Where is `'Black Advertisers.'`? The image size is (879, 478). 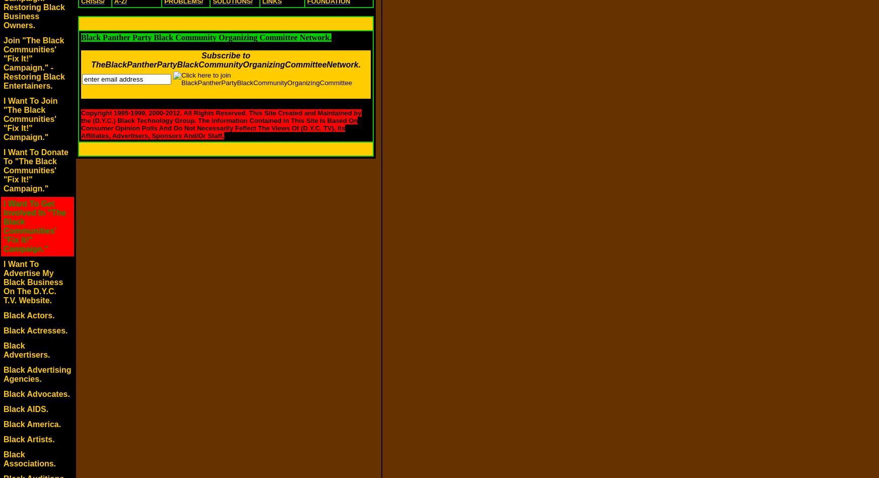 'Black Advertisers.' is located at coordinates (26, 350).